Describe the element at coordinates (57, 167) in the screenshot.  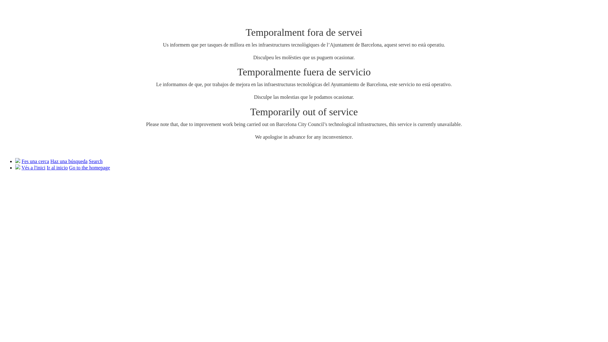
I see `'Ir al inicio'` at that location.